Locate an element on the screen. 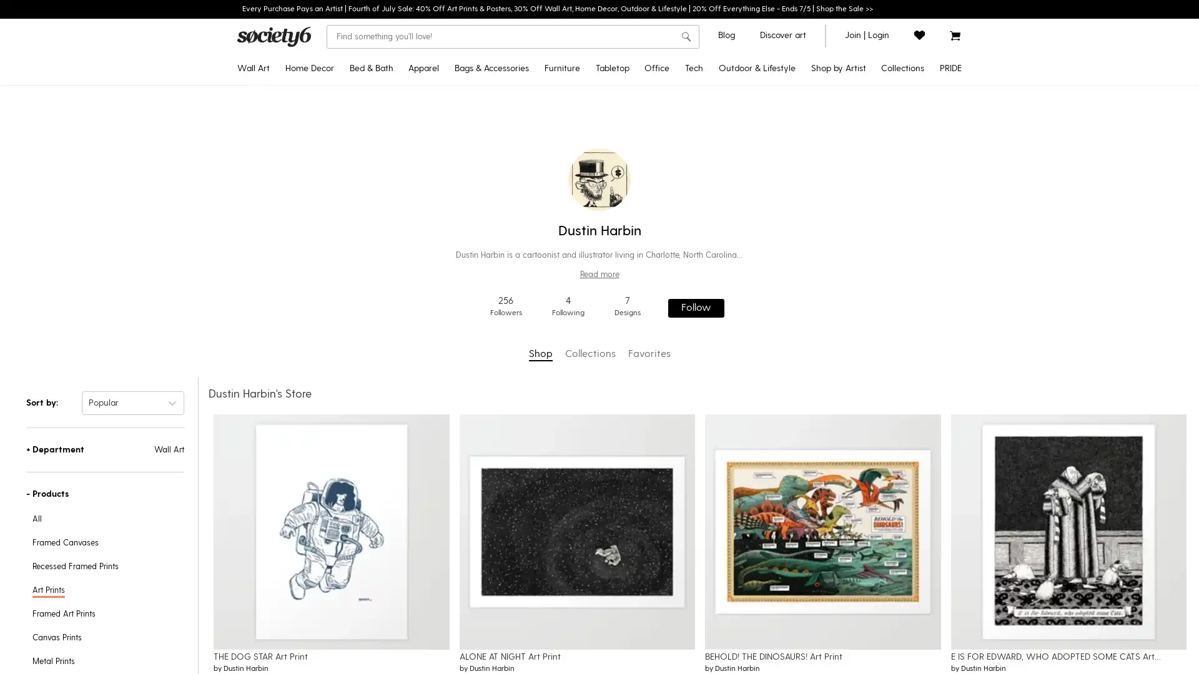  Star WarsTM is located at coordinates (804, 120).